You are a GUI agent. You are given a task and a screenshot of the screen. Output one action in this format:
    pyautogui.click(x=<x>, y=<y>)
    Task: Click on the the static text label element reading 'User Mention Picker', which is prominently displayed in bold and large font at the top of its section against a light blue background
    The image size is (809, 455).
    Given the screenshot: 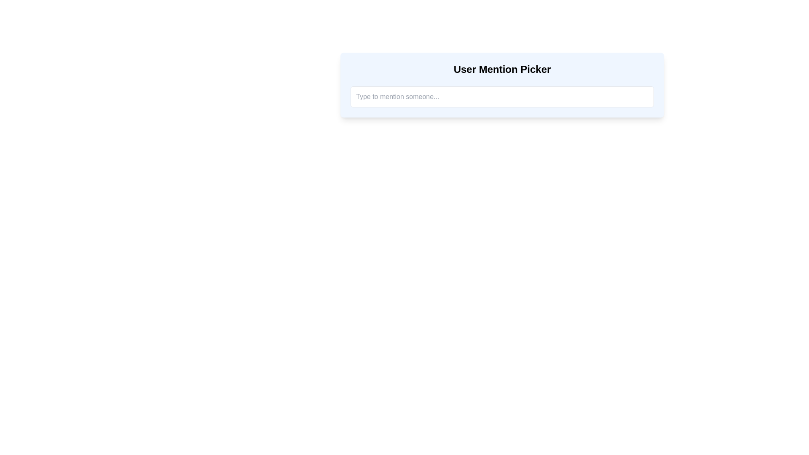 What is the action you would take?
    pyautogui.click(x=502, y=69)
    